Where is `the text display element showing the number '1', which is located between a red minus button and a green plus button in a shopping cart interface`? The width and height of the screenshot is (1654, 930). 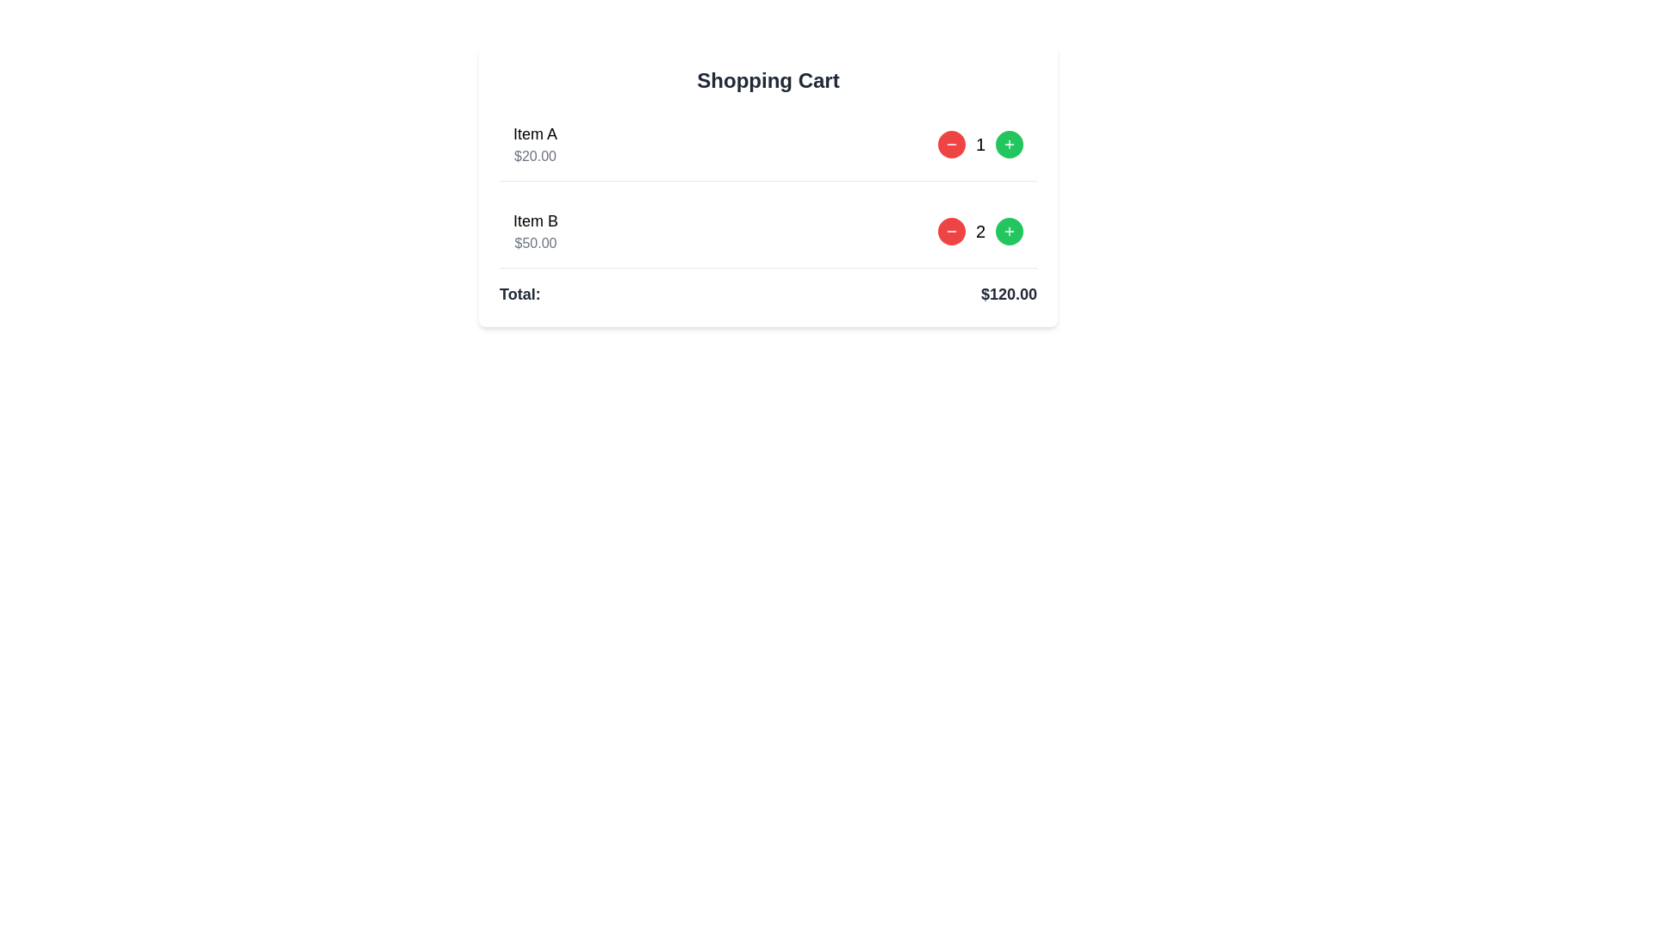 the text display element showing the number '1', which is located between a red minus button and a green plus button in a shopping cart interface is located at coordinates (980, 144).